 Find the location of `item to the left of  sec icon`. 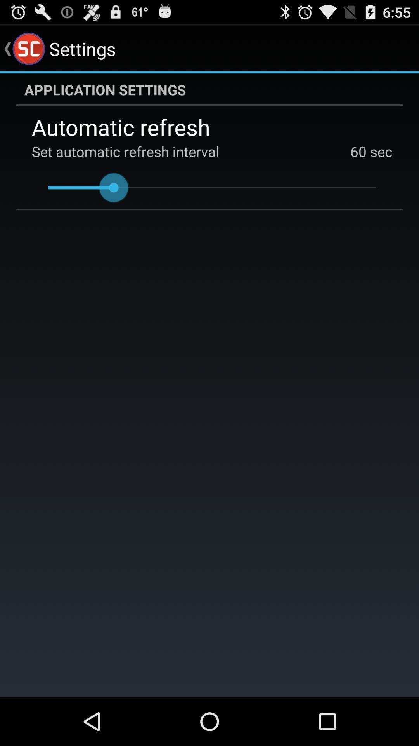

item to the left of  sec icon is located at coordinates (358, 151).